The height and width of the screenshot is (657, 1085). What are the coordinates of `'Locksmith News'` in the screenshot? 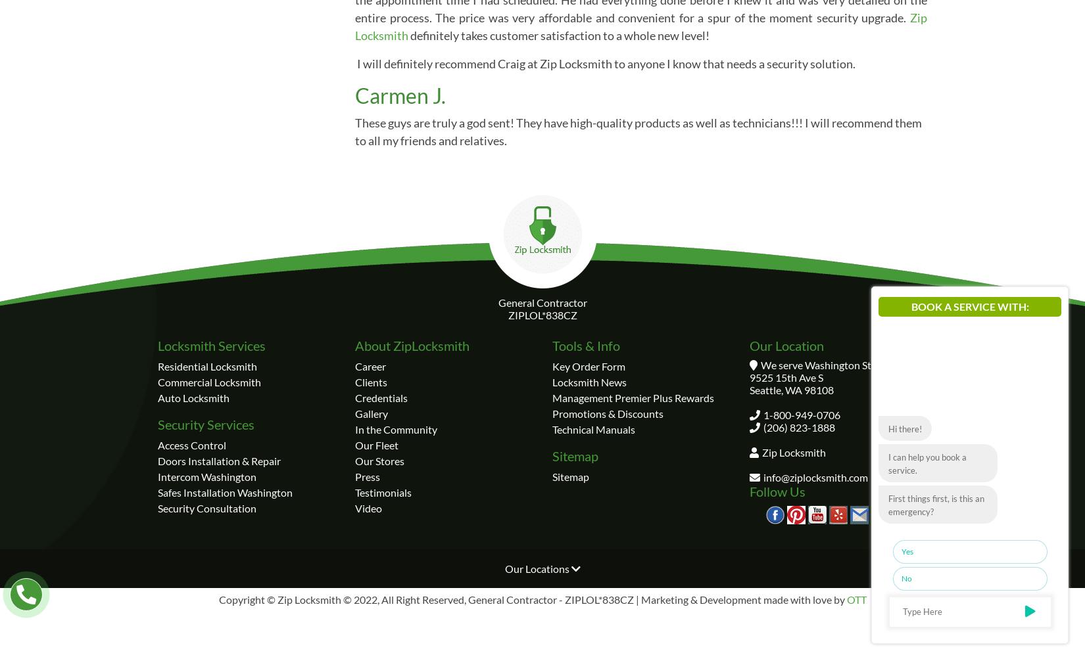 It's located at (589, 380).